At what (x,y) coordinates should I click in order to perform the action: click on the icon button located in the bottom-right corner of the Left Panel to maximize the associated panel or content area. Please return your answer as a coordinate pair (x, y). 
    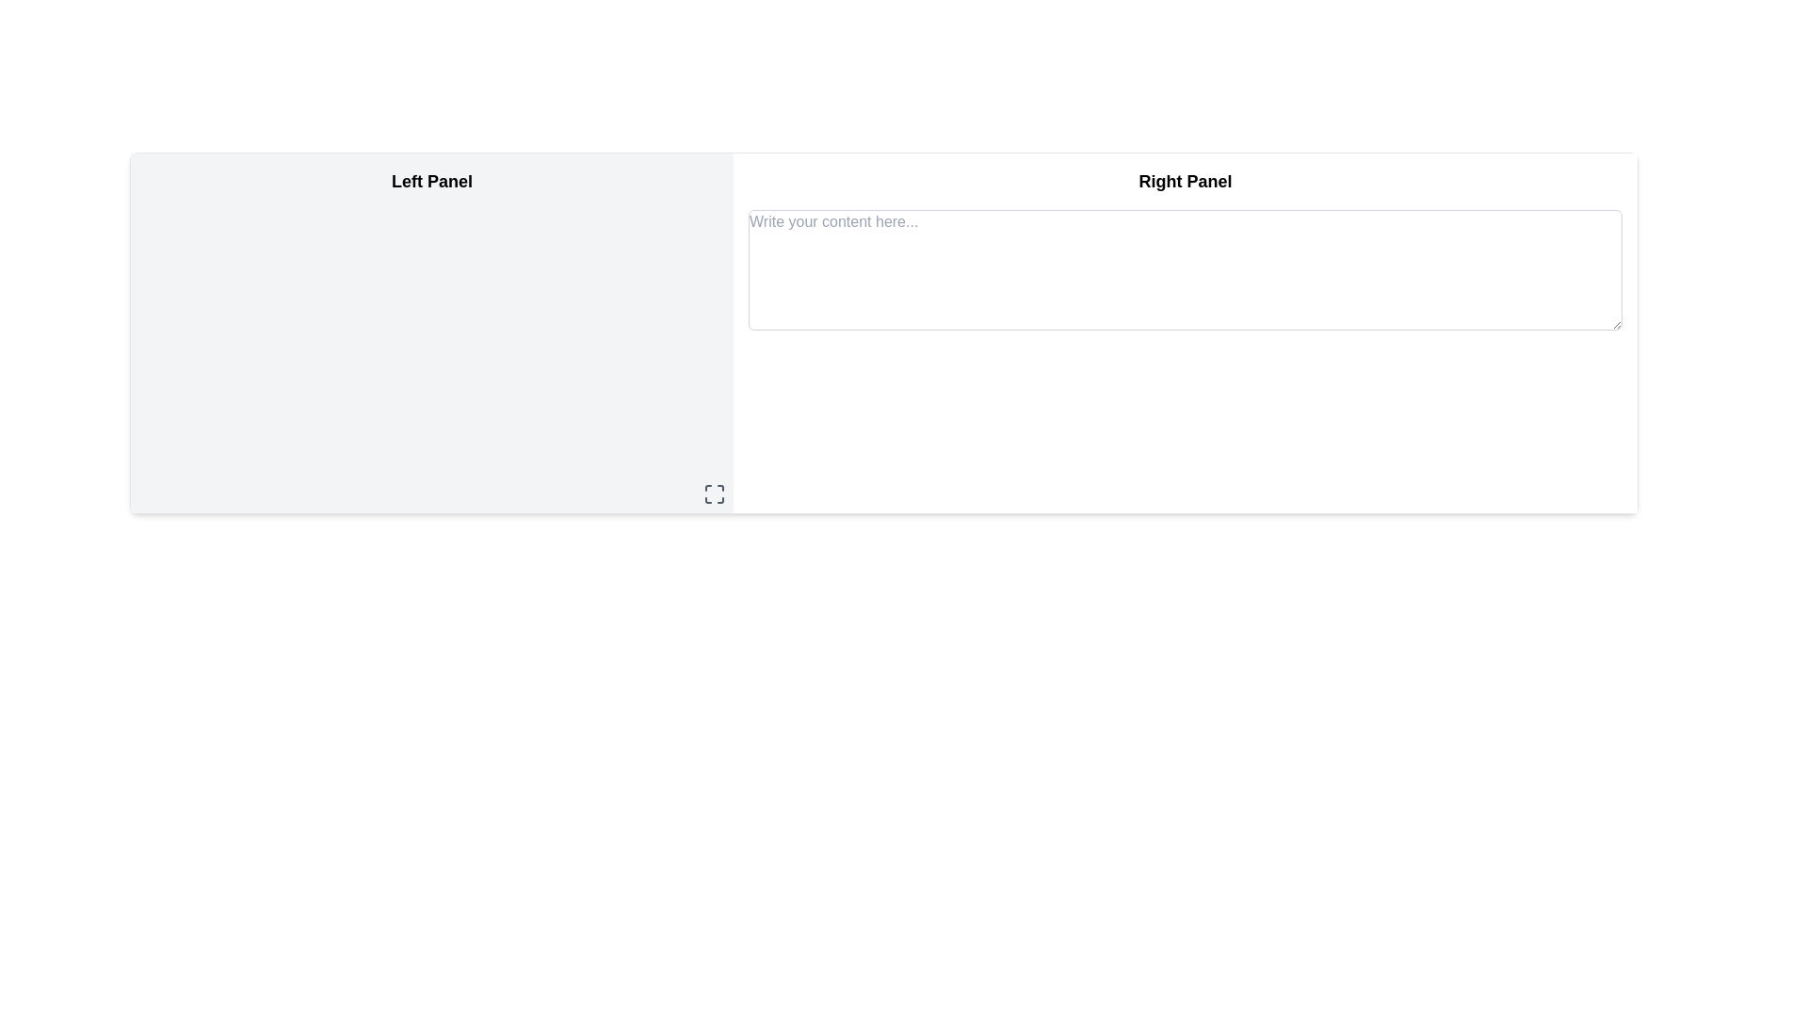
    Looking at the image, I should click on (713, 492).